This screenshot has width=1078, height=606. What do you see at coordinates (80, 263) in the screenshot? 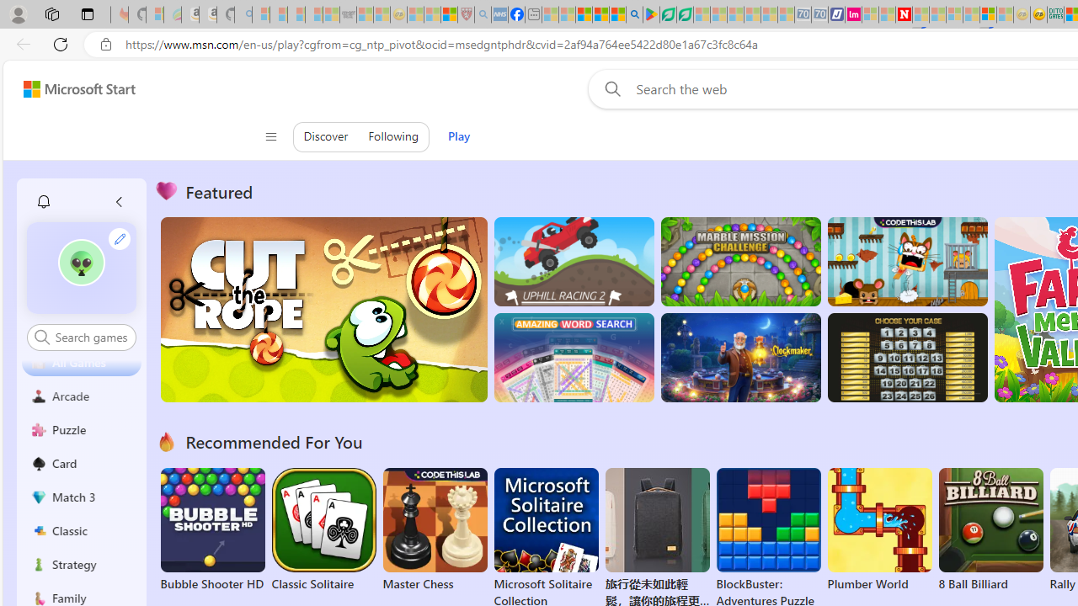
I see `'""'` at bounding box center [80, 263].